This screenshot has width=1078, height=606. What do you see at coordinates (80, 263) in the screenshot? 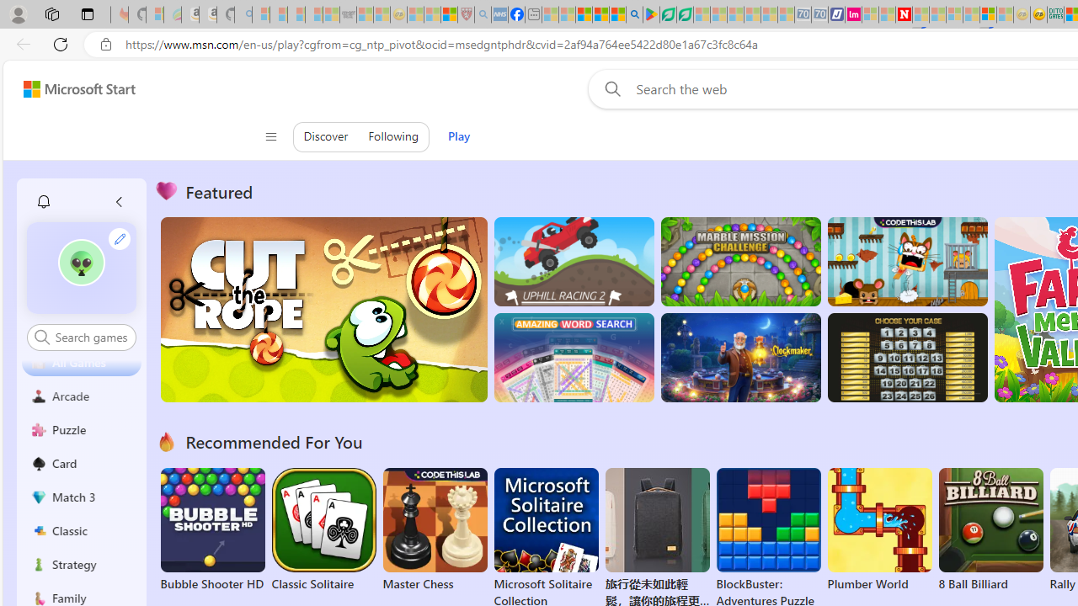
I see `'""'` at bounding box center [80, 263].